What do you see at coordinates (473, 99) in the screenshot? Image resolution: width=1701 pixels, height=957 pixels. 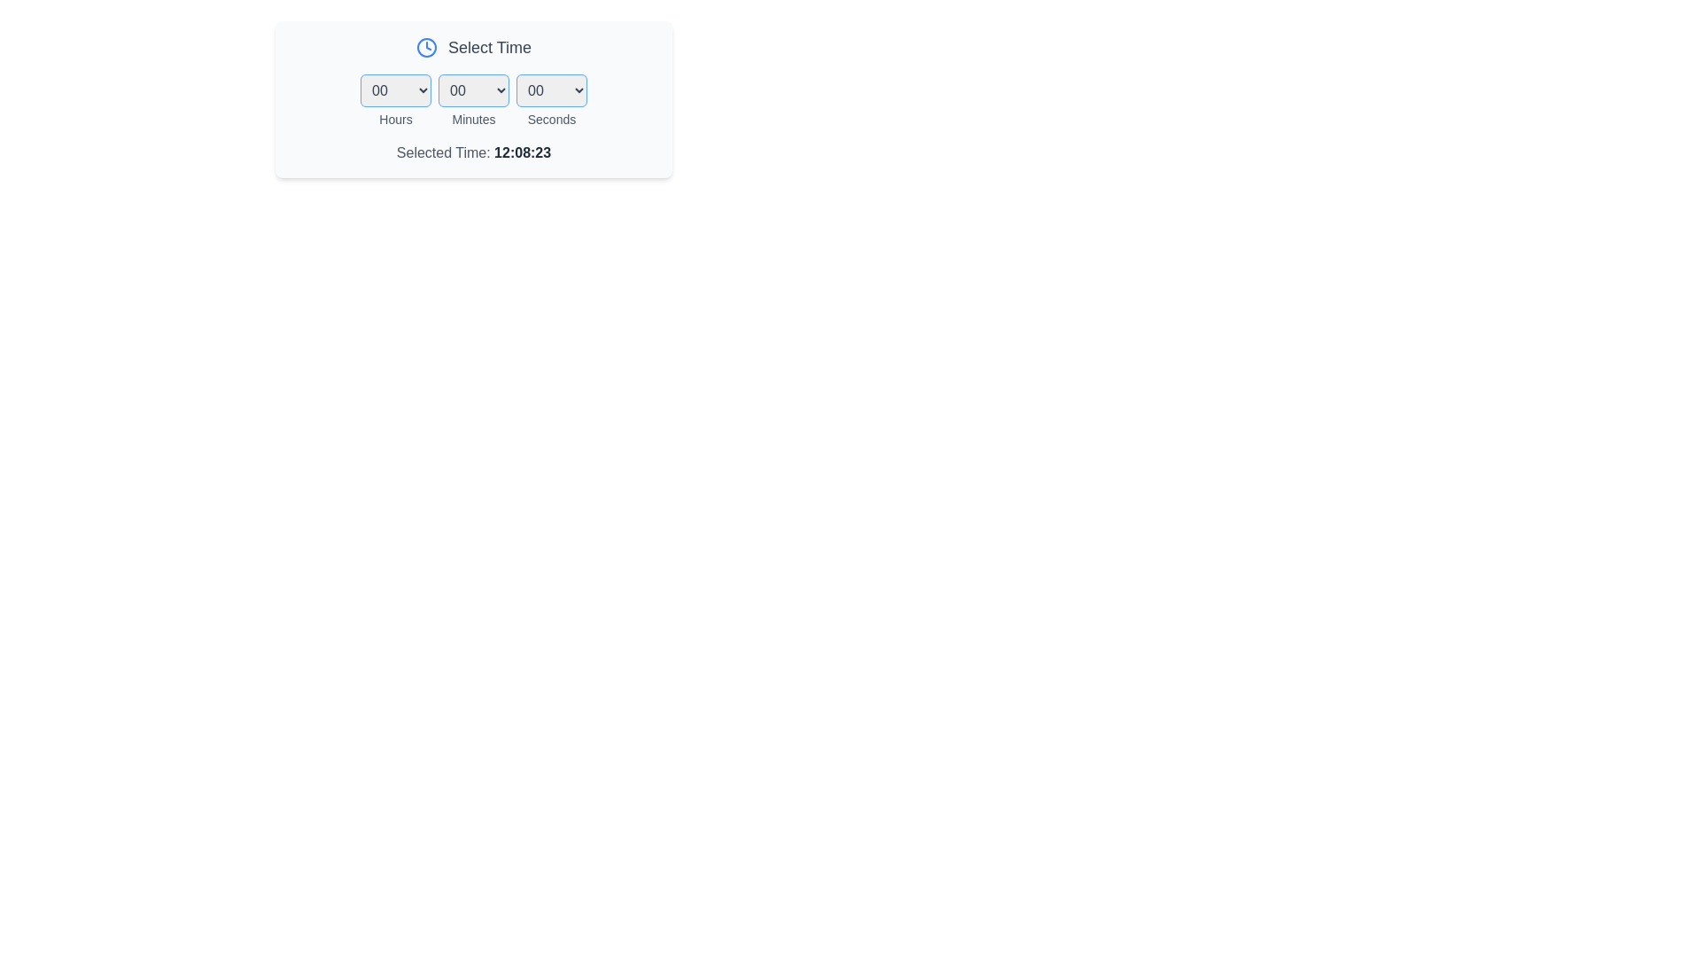 I see `the 'Minutes' dropdown menu, which is styled with a gray border and blue highlights, displaying '00' as the placeholder text within a time selection interface` at bounding box center [473, 99].